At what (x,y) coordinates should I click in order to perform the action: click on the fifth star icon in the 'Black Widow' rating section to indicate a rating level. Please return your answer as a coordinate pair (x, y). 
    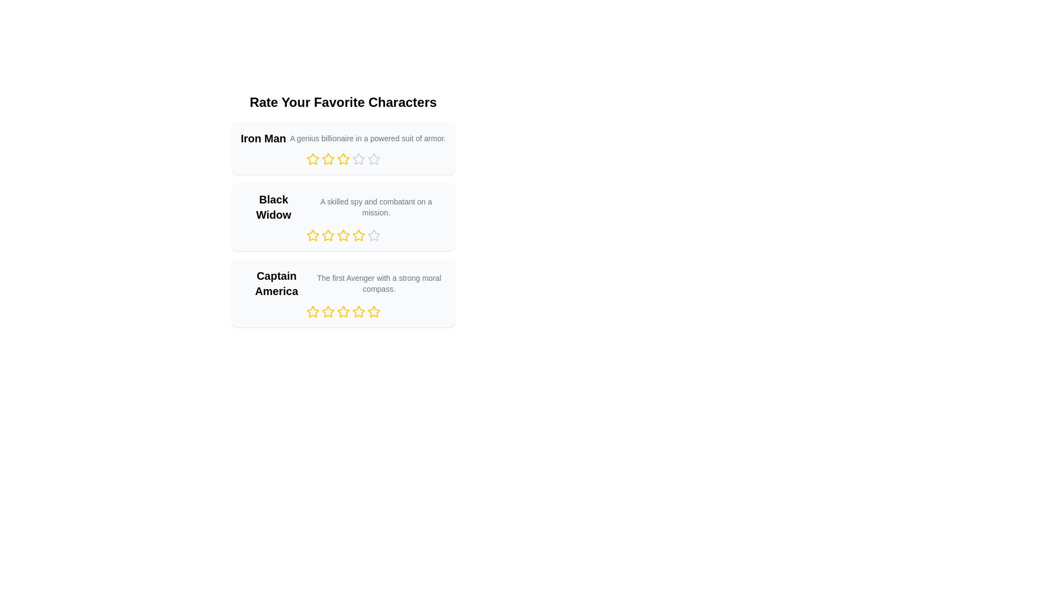
    Looking at the image, I should click on (374, 235).